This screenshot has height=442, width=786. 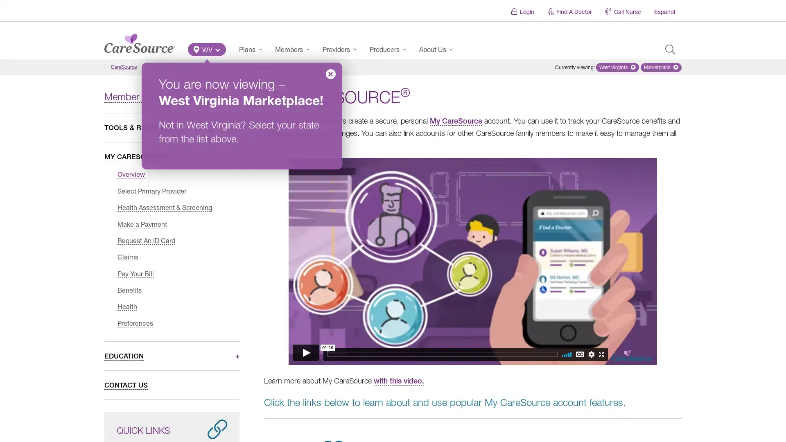 I want to click on Search, so click(x=670, y=49).